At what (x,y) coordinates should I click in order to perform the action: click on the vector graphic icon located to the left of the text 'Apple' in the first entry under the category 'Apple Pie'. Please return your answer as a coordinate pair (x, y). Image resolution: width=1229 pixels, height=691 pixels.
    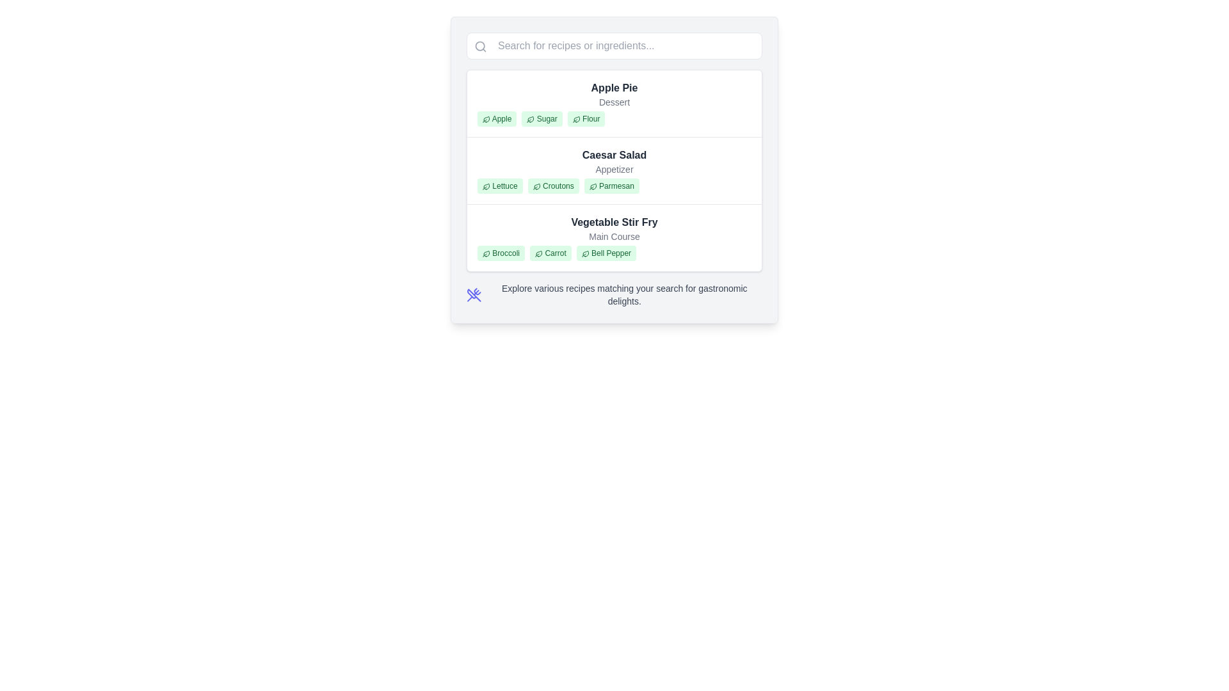
    Looking at the image, I should click on (486, 119).